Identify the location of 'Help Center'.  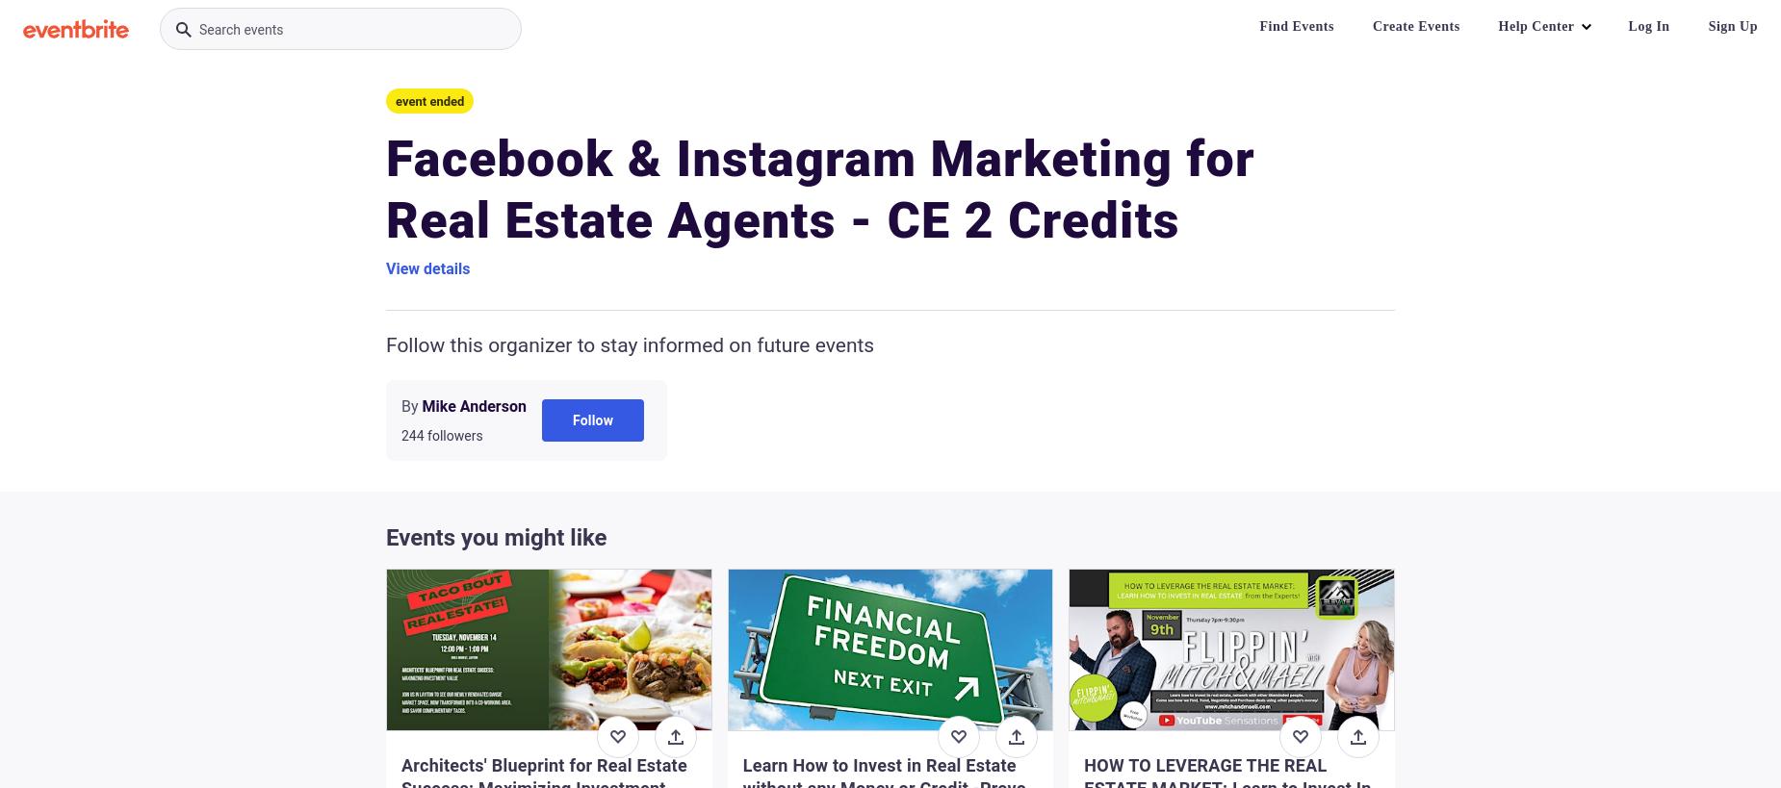
(1498, 25).